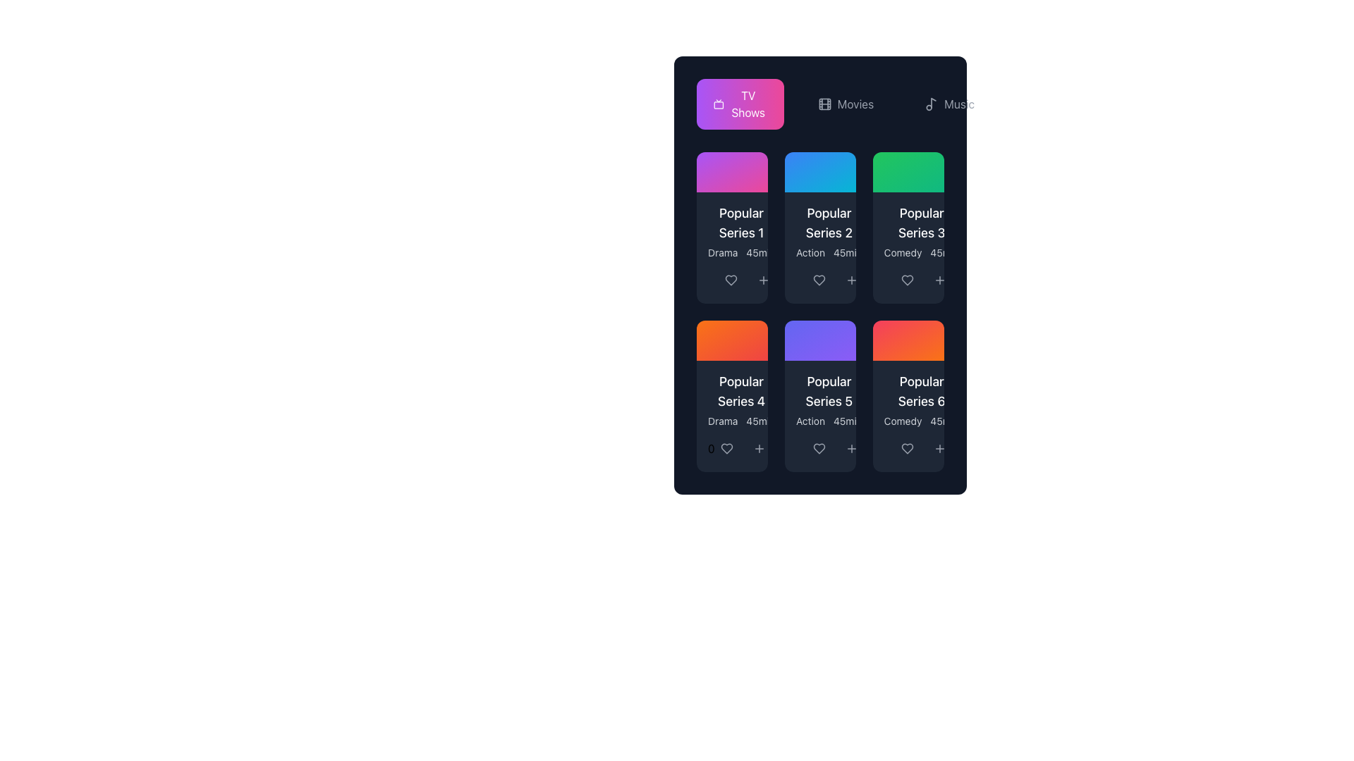 This screenshot has width=1354, height=761. I want to click on the text label that indicates the genre ('Drama') and duration ('45min') of the series, located directly underneath the title 'Popular Series 4' in the bottom-left section of the main card, so click(740, 420).